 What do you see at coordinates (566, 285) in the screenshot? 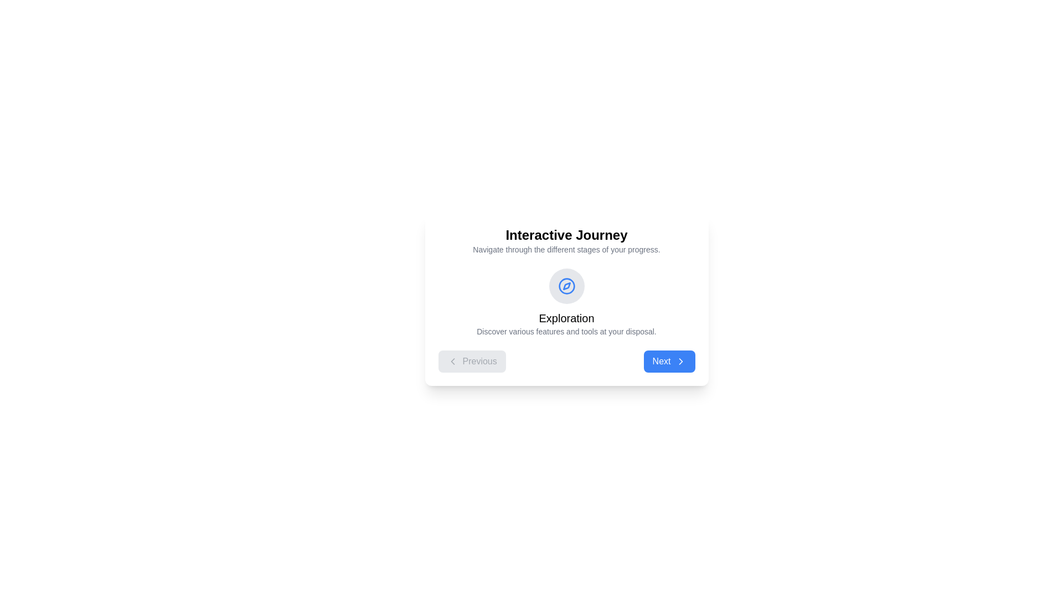
I see `the circular compass icon located in the 'Exploration' section, which features a blue compass design on a light gray background` at bounding box center [566, 285].